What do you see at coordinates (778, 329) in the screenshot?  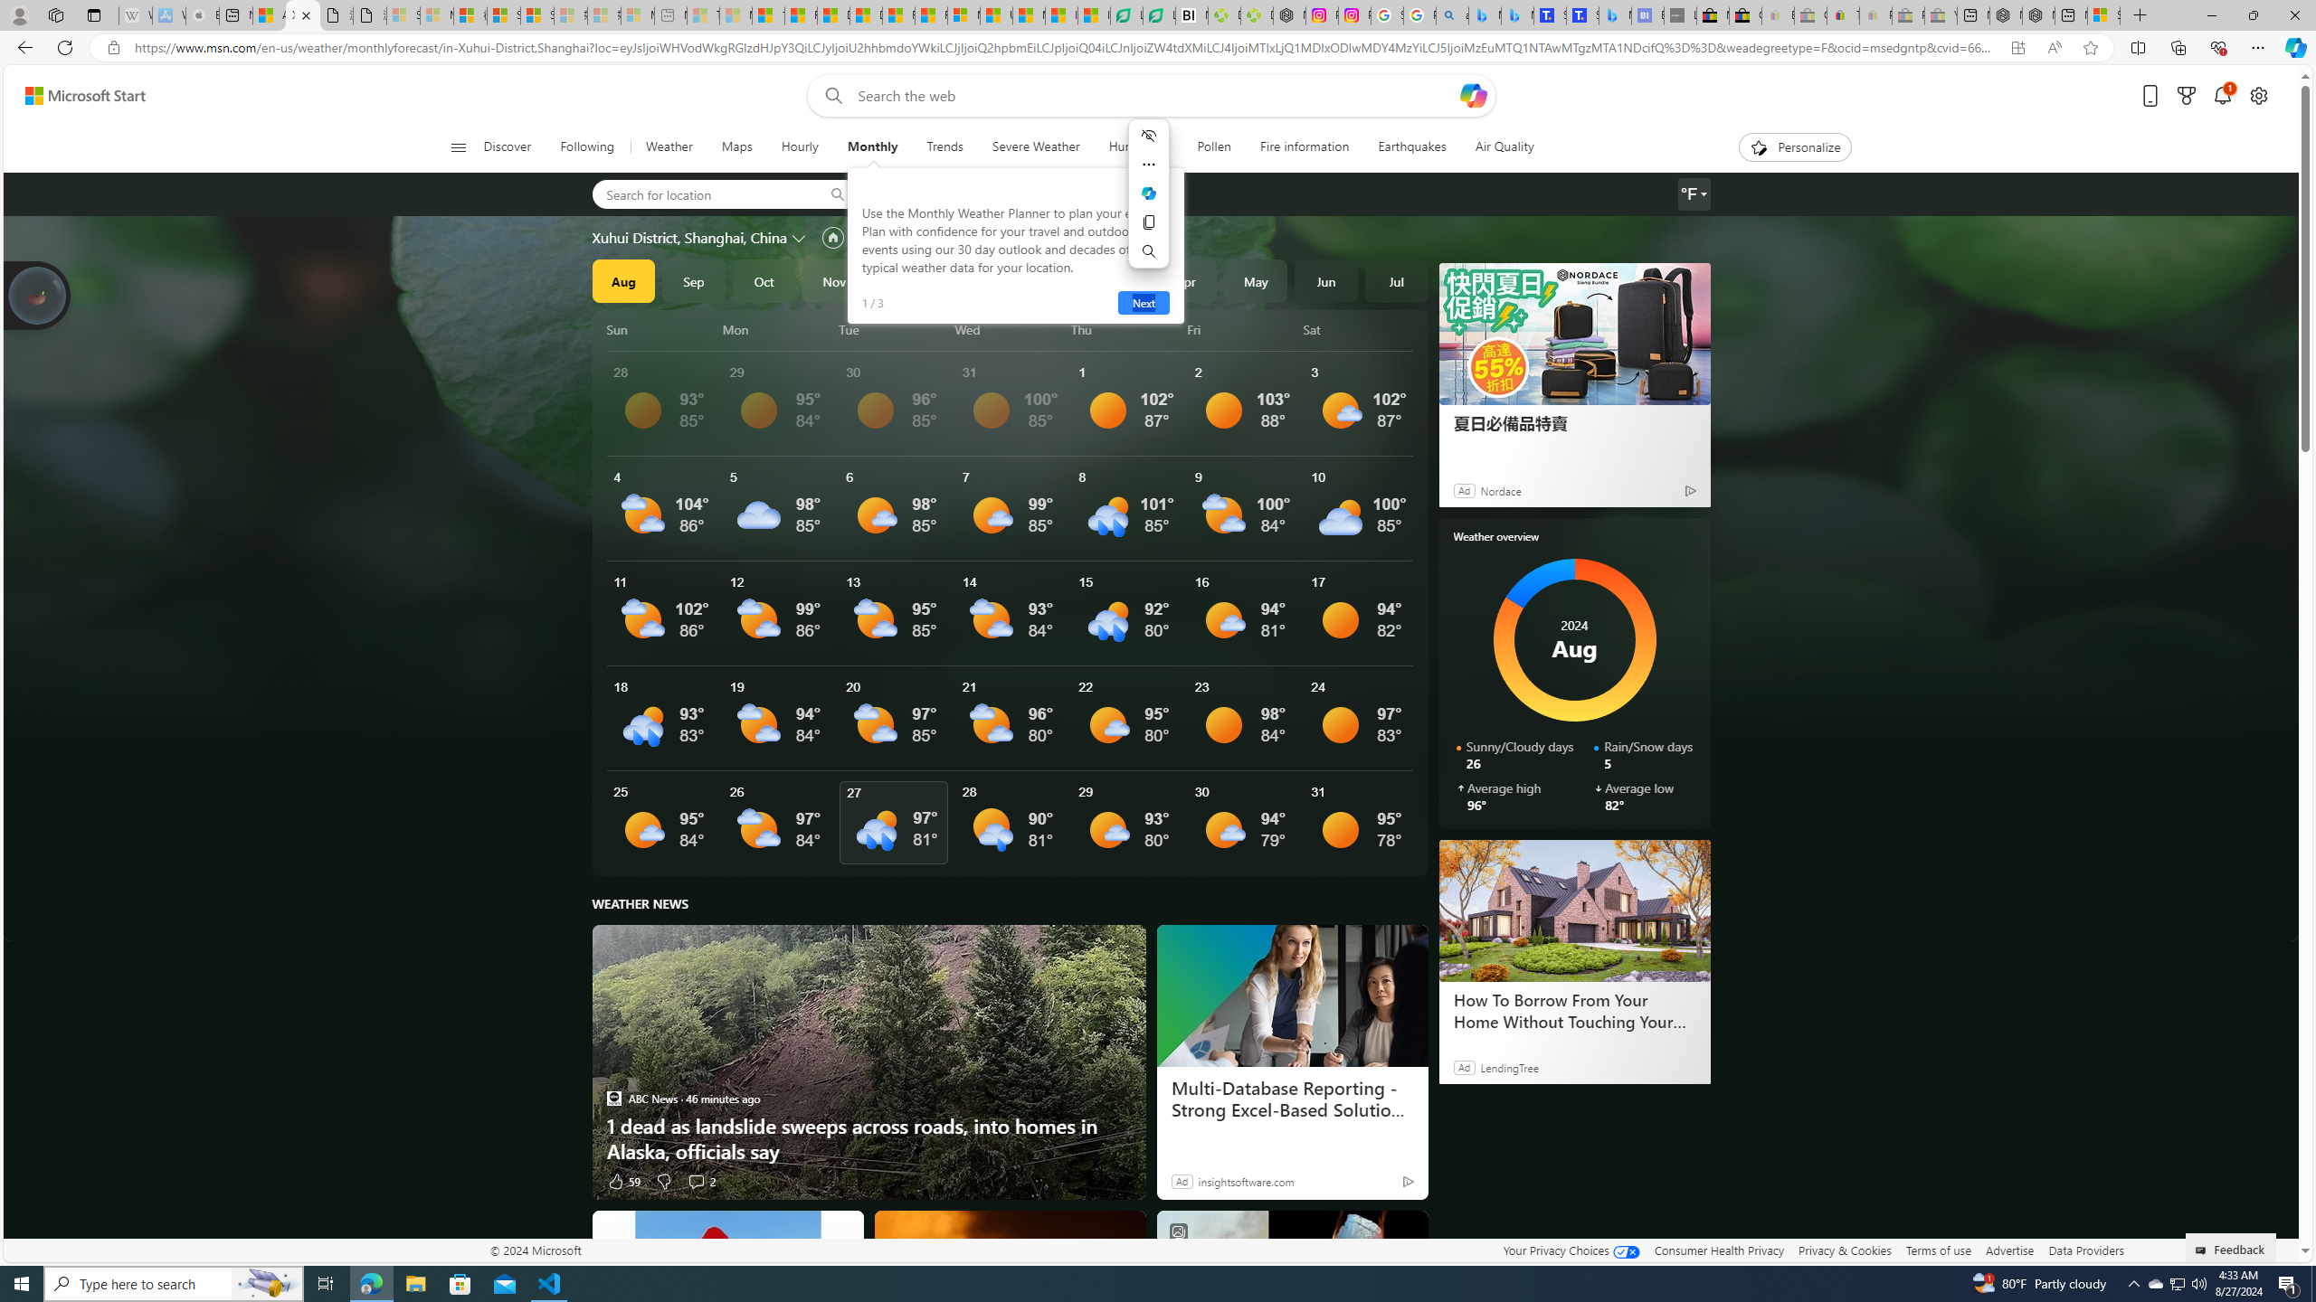 I see `'Mon'` at bounding box center [778, 329].